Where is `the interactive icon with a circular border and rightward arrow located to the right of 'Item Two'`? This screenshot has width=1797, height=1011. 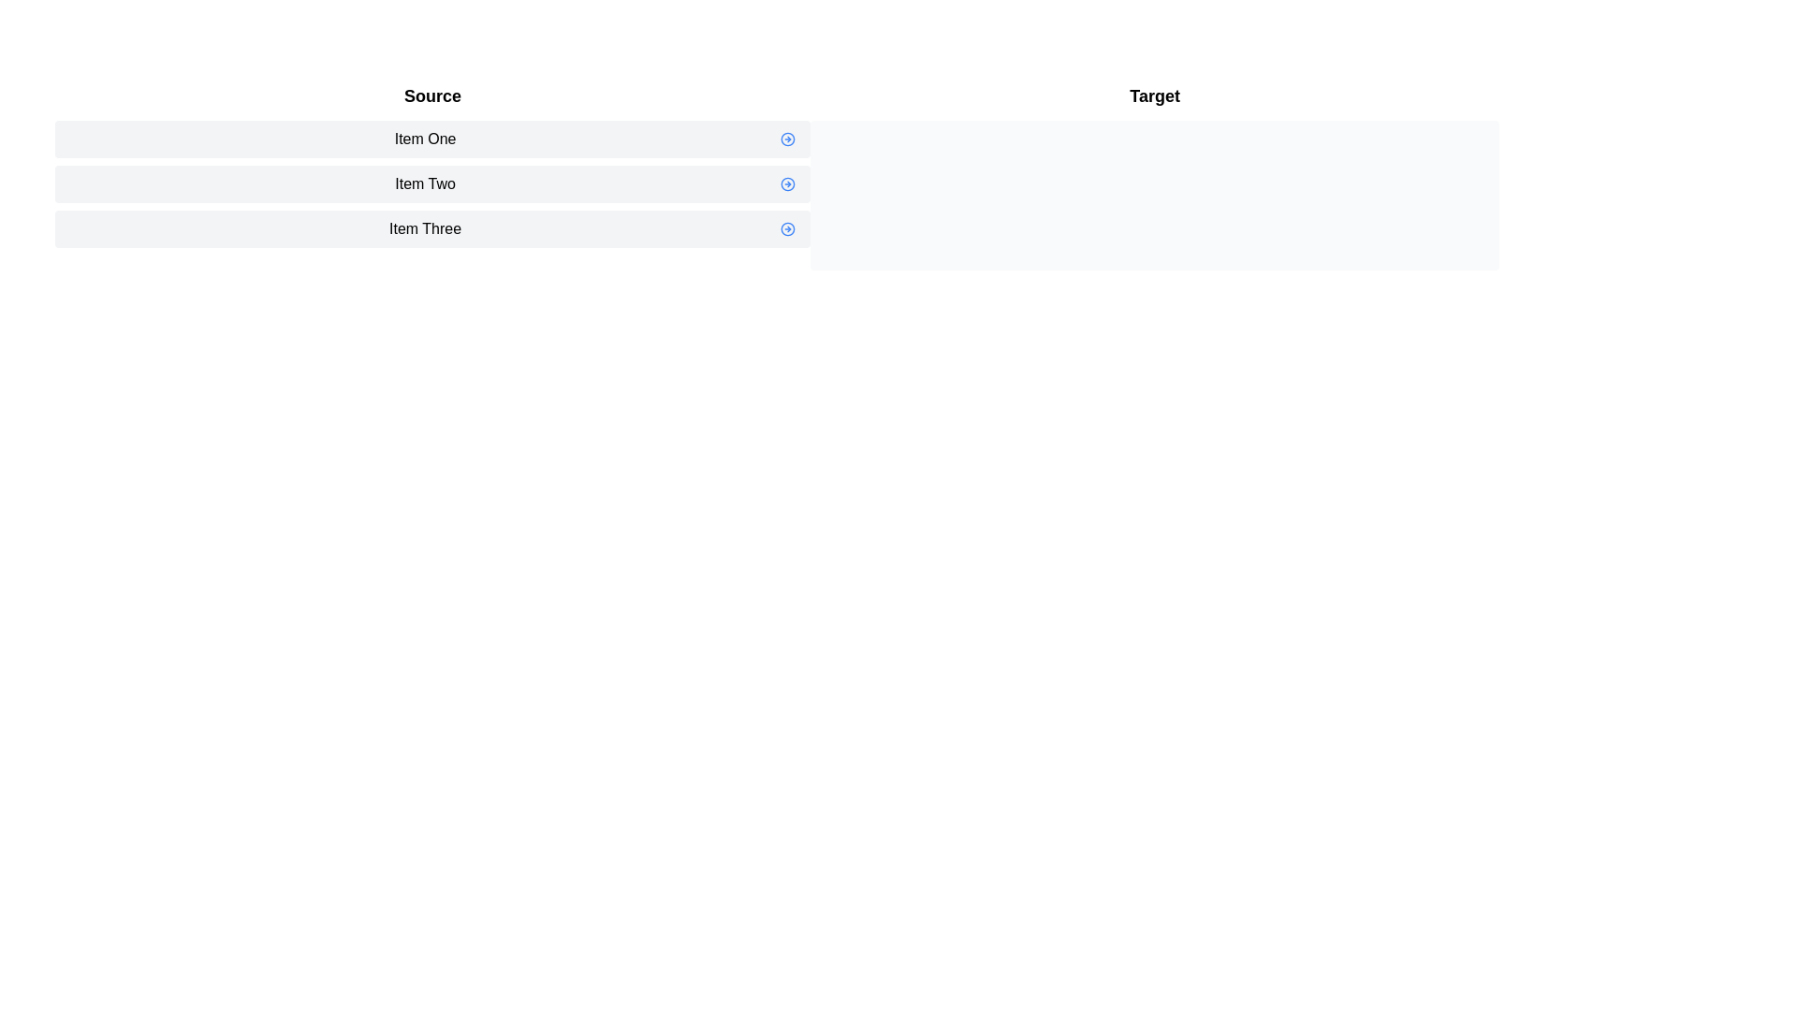
the interactive icon with a circular border and rightward arrow located to the right of 'Item Two' is located at coordinates (788, 183).